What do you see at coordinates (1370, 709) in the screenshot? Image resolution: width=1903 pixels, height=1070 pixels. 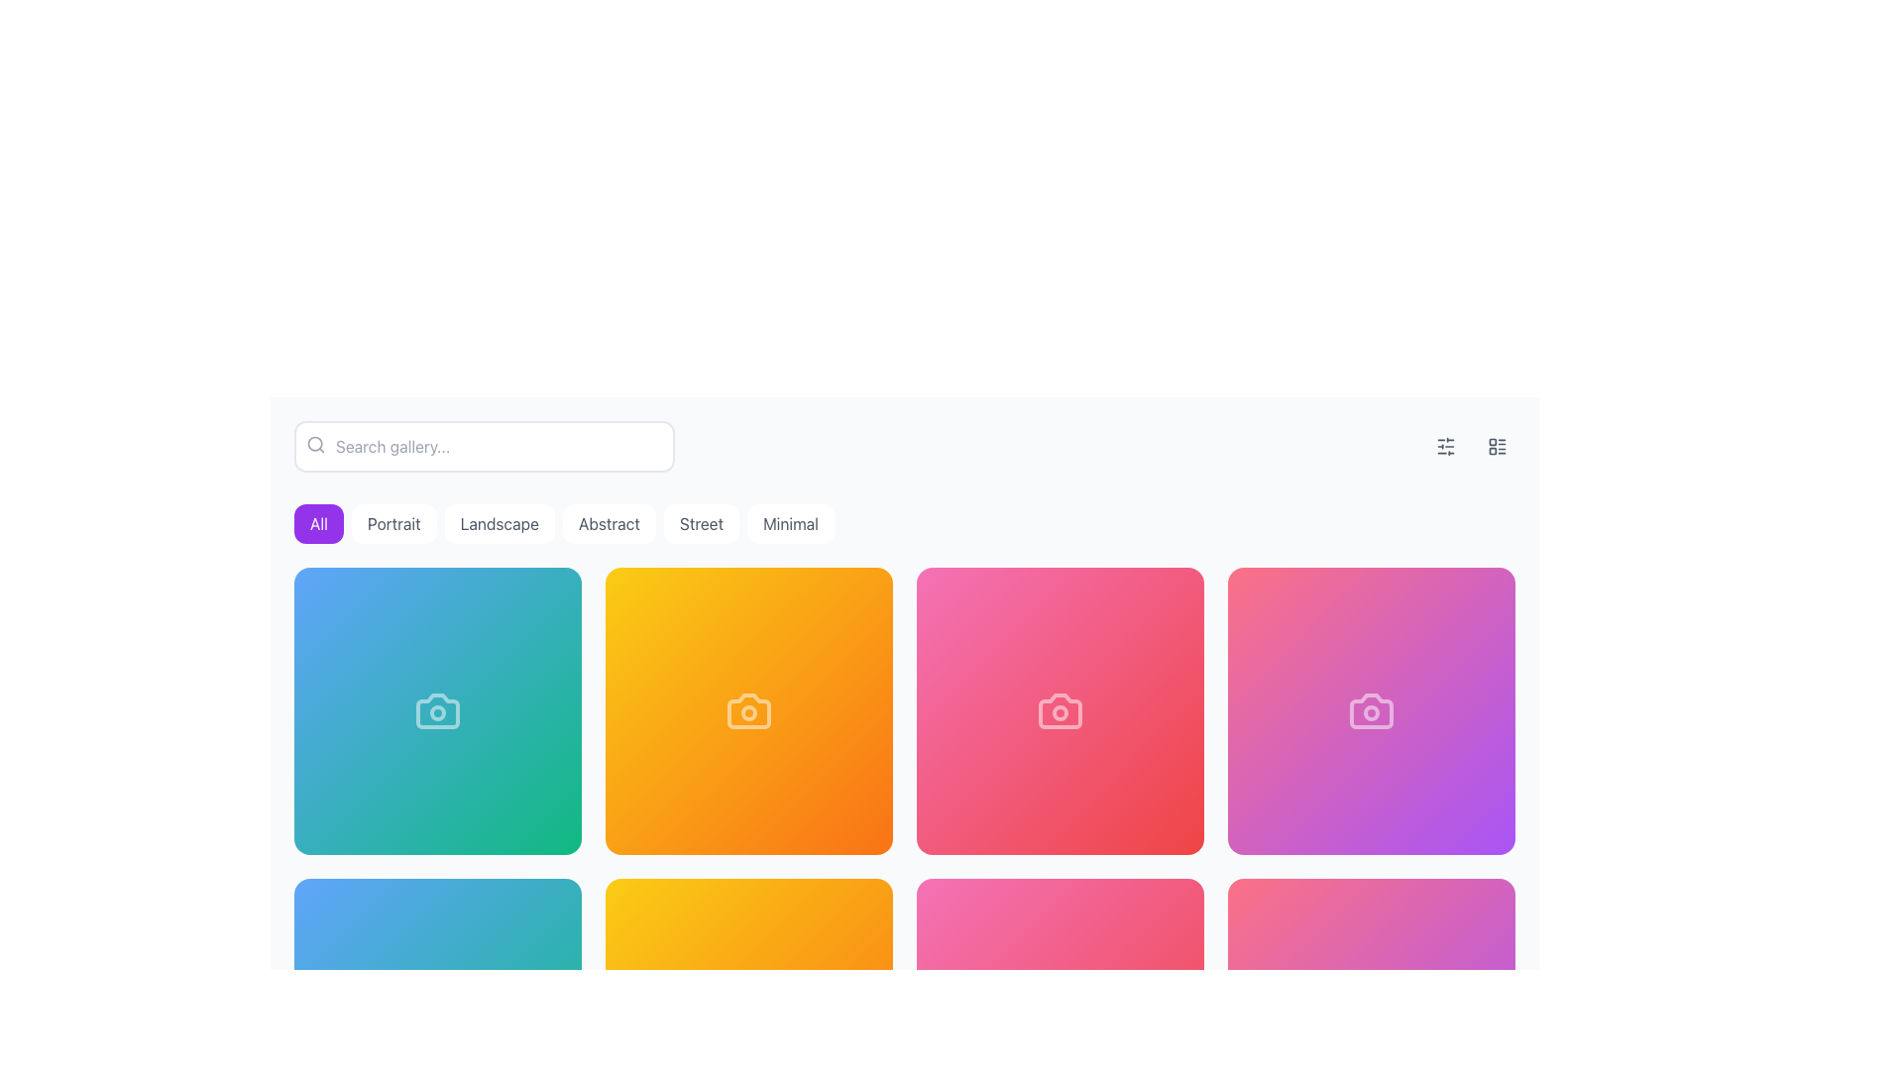 I see `the camera icon SVG element located at the center of the gradient pink-purple tile in the gallery interface` at bounding box center [1370, 709].